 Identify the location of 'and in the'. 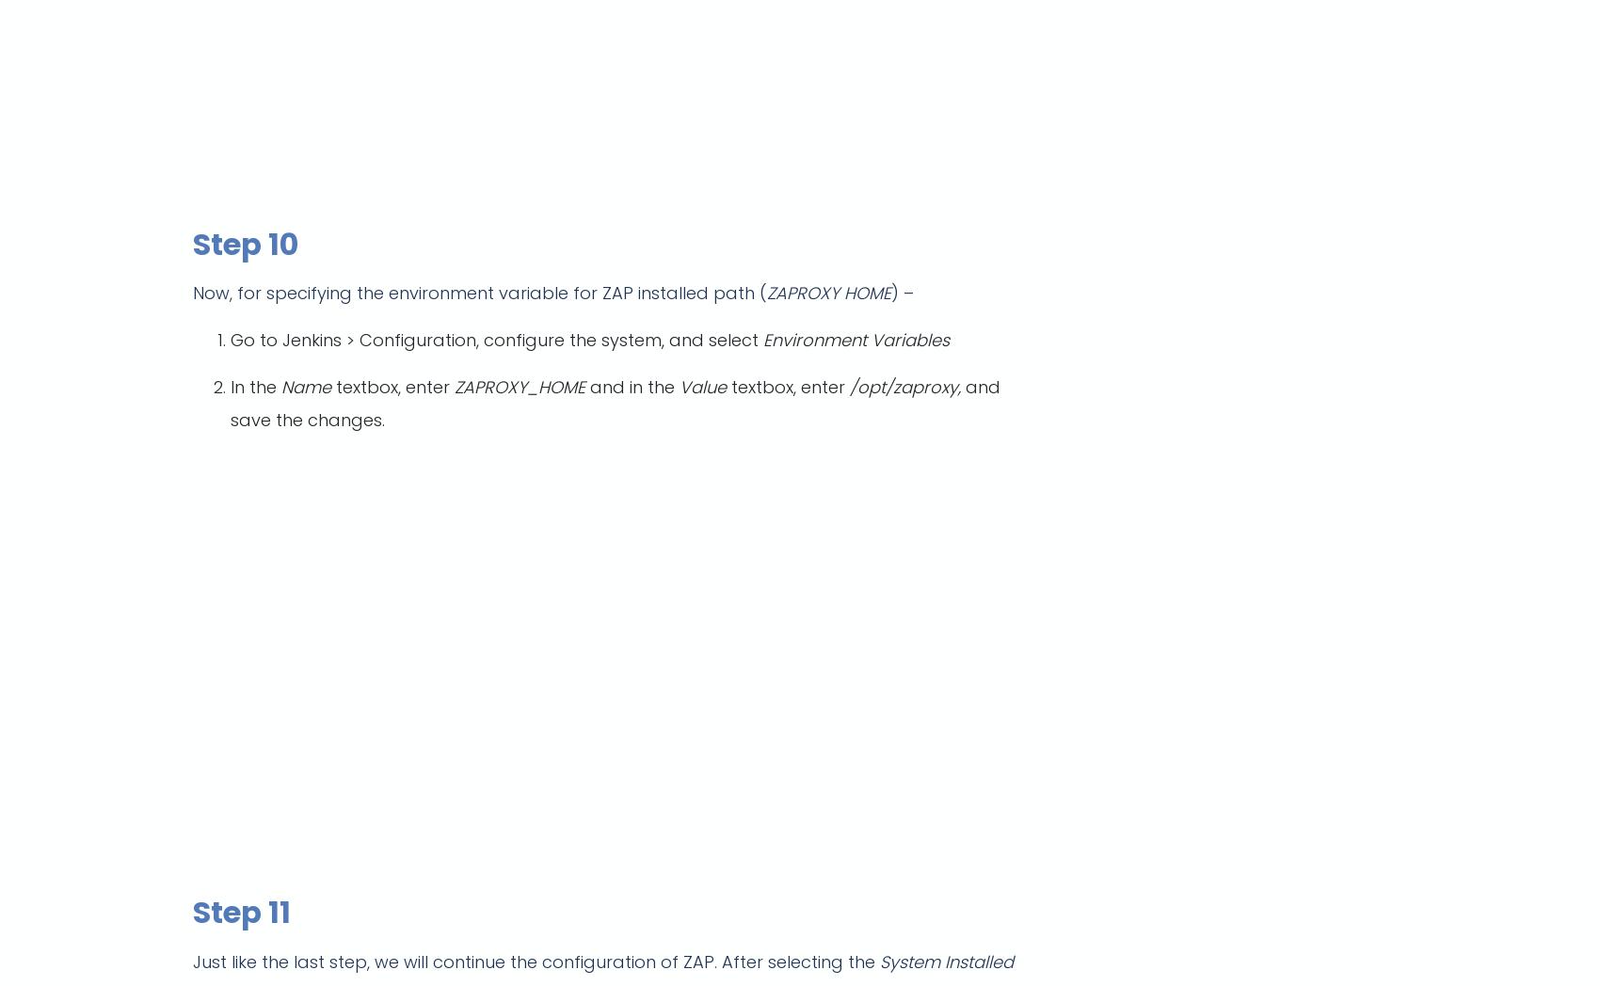
(584, 387).